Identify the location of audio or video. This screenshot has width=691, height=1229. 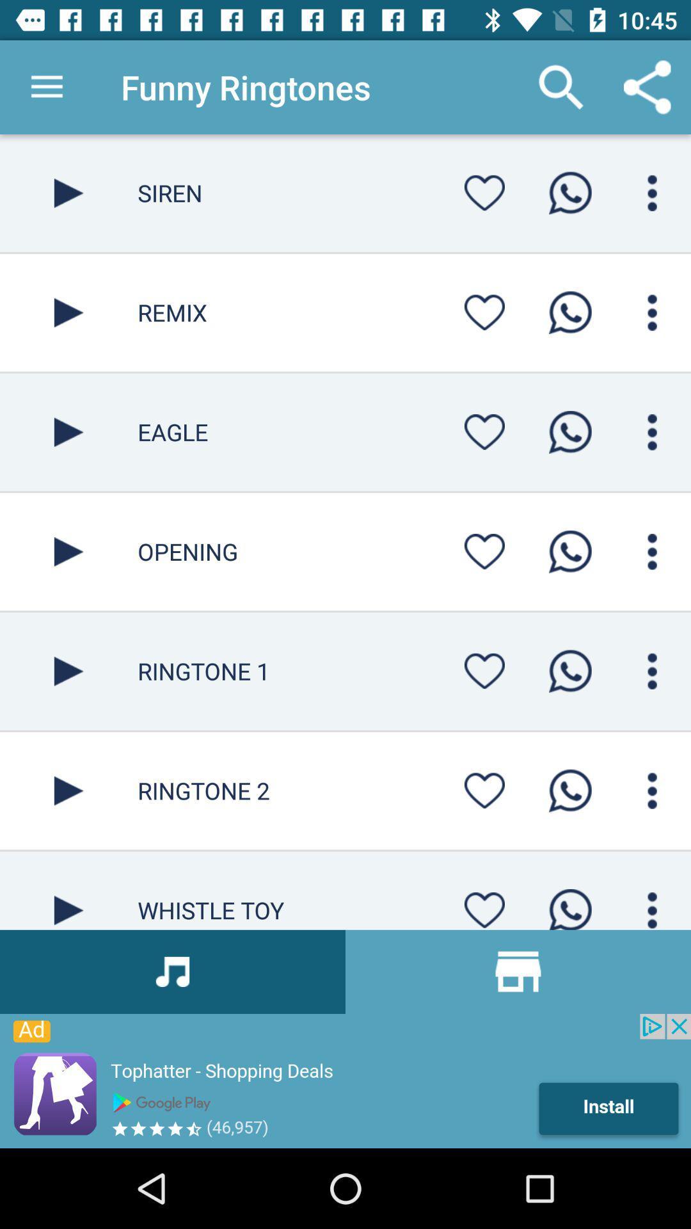
(68, 432).